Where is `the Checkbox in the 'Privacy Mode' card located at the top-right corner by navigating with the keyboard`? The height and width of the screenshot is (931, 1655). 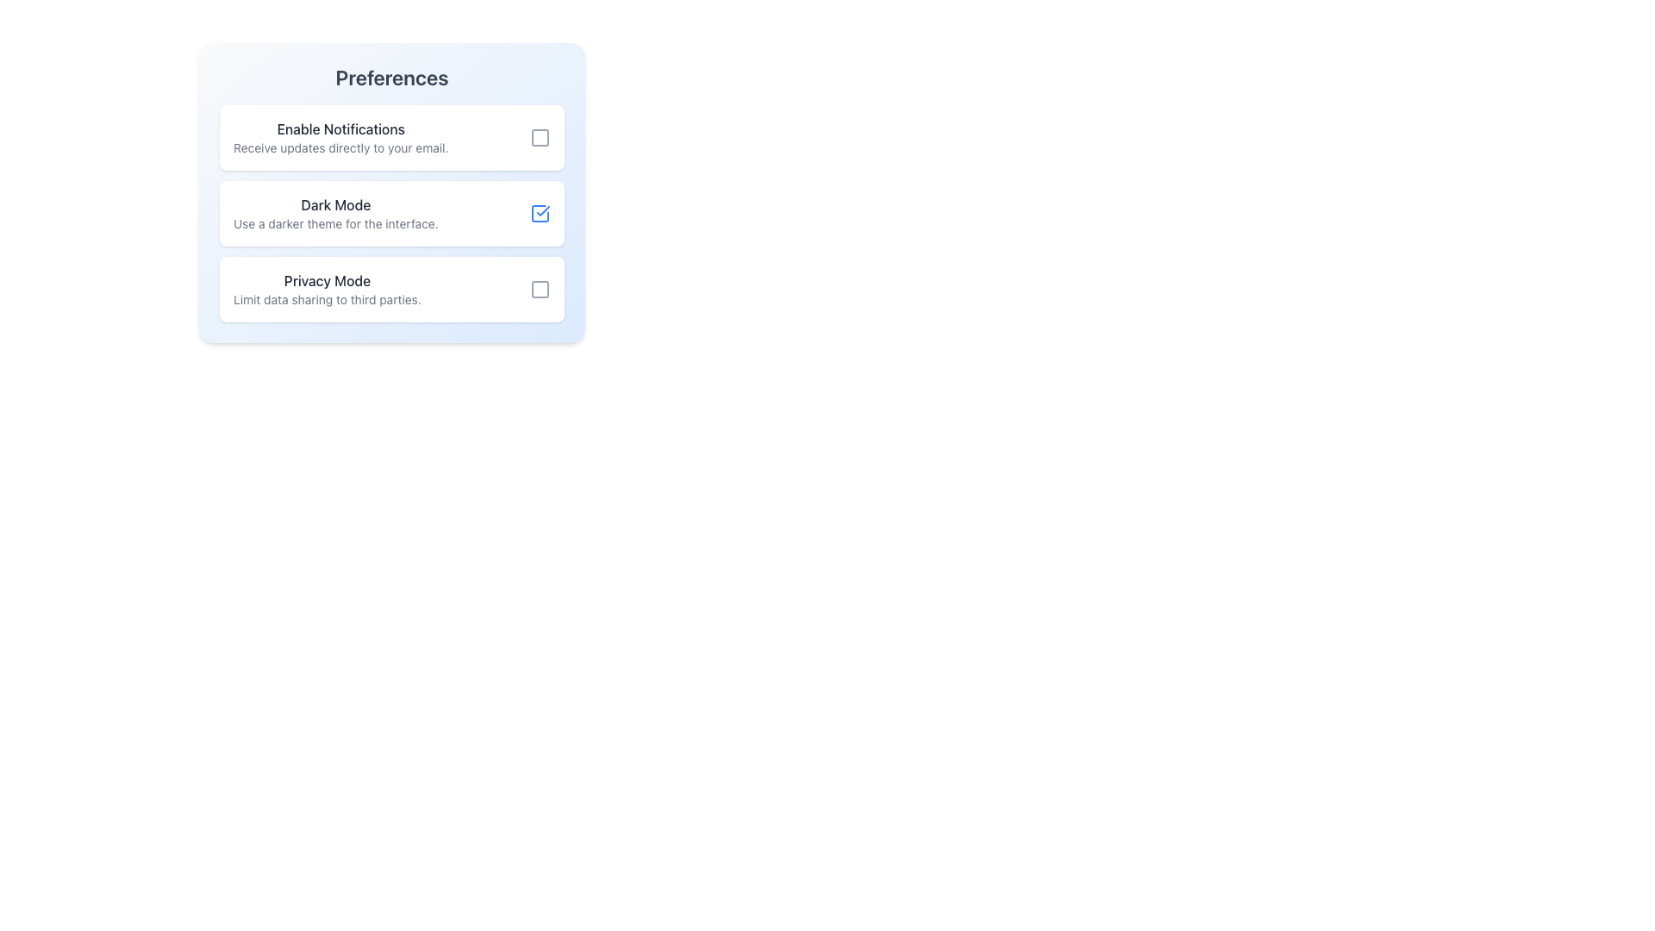
the Checkbox in the 'Privacy Mode' card located at the top-right corner by navigating with the keyboard is located at coordinates (540, 288).